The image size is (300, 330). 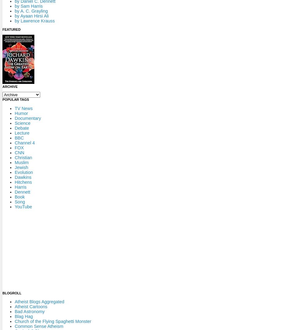 I want to click on 'Featured', so click(x=11, y=29).